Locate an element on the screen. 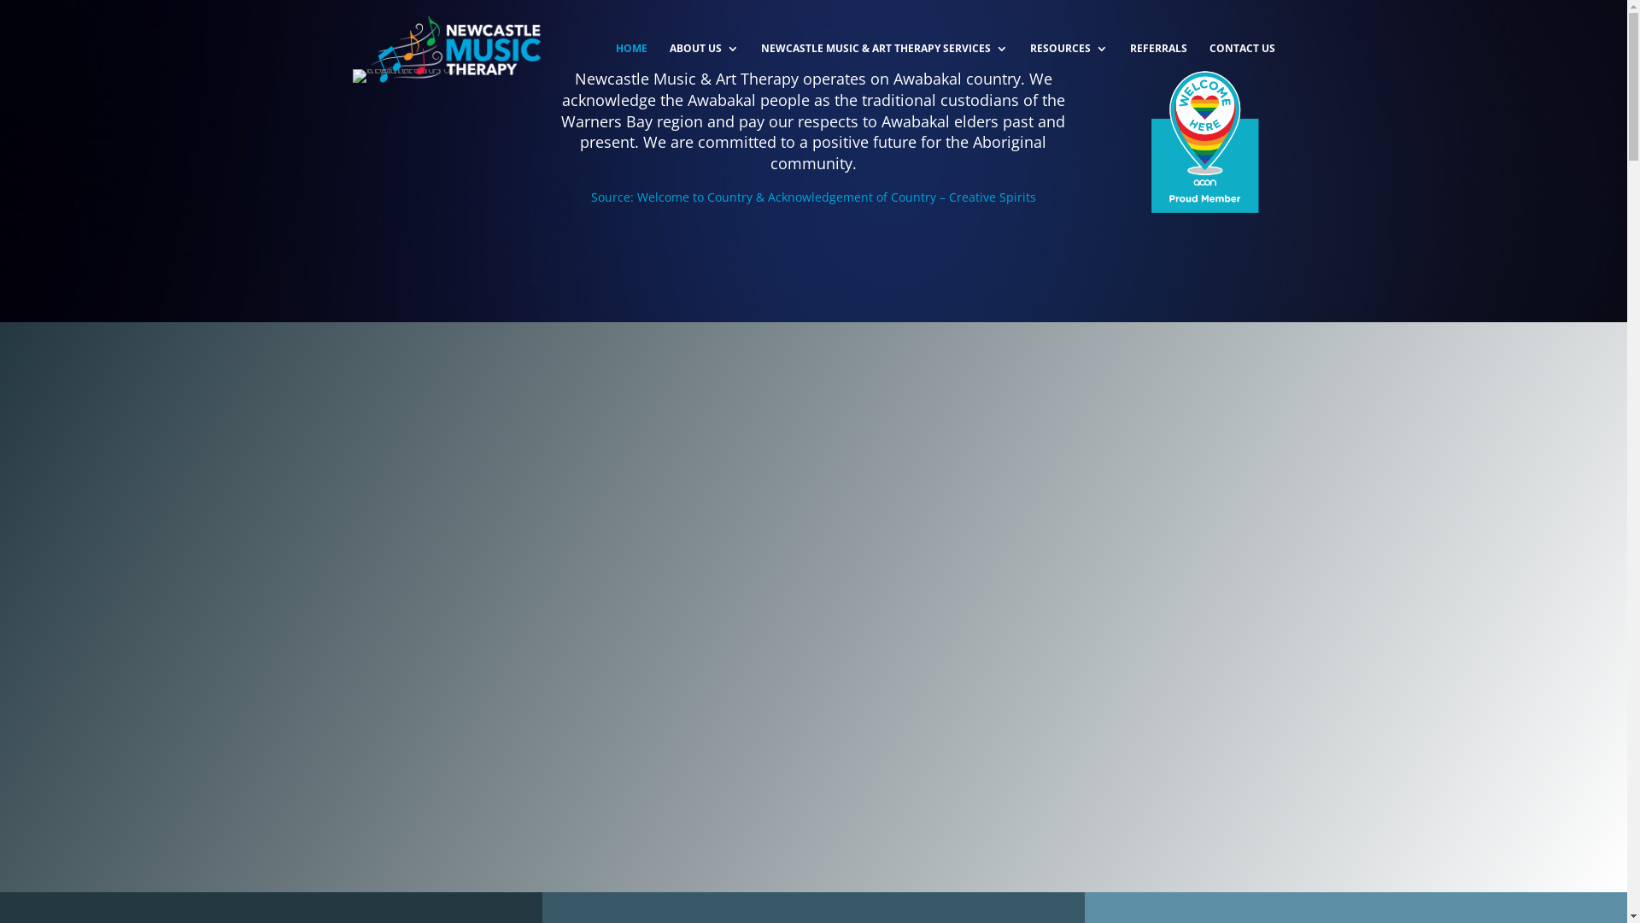  'RESOURCES' is located at coordinates (1068, 68).